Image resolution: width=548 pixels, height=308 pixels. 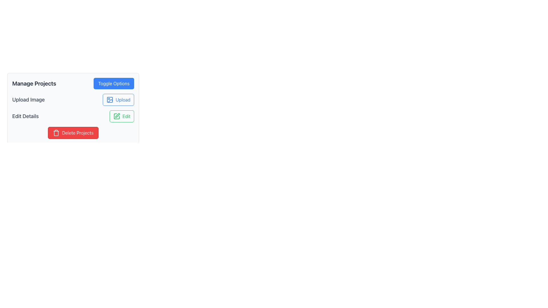 I want to click on the delete button located at the bottom of the 'Manage Projects' interface to initiate the deletion of projects, so click(x=73, y=133).